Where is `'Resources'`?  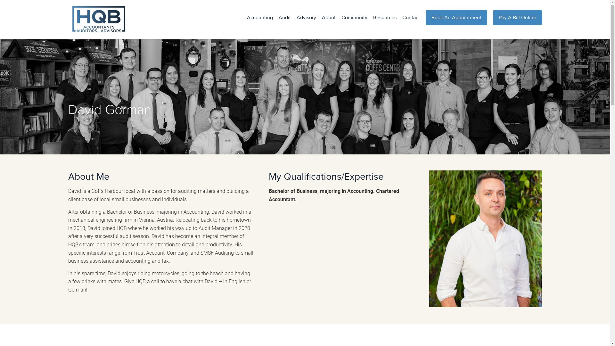
'Resources' is located at coordinates (382, 17).